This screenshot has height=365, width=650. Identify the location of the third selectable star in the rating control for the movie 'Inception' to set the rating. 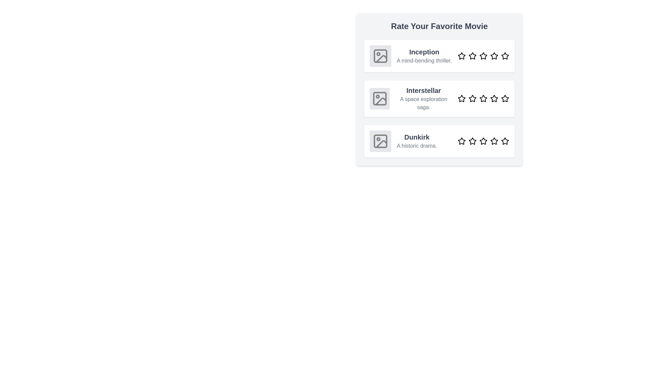
(483, 55).